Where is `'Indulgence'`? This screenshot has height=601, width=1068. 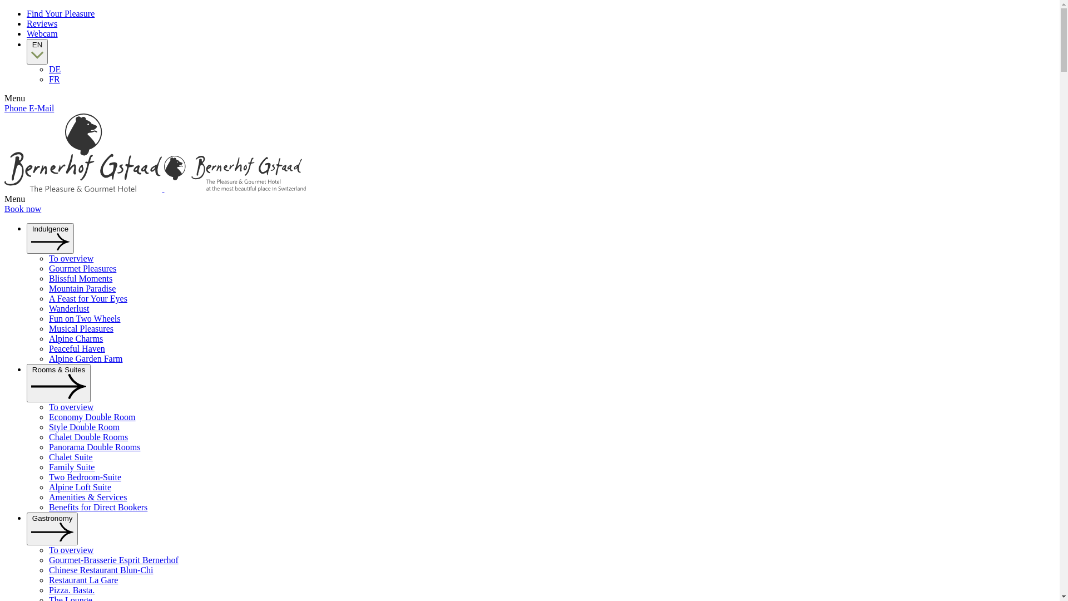
'Indulgence' is located at coordinates (50, 238).